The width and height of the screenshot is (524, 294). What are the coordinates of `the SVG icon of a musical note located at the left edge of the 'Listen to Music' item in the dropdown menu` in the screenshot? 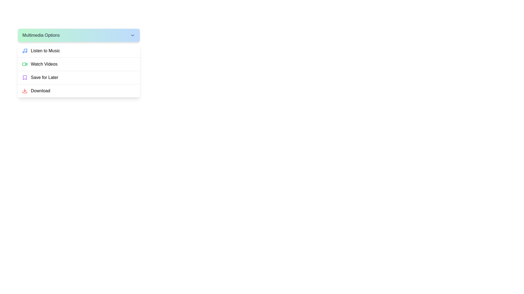 It's located at (25, 51).